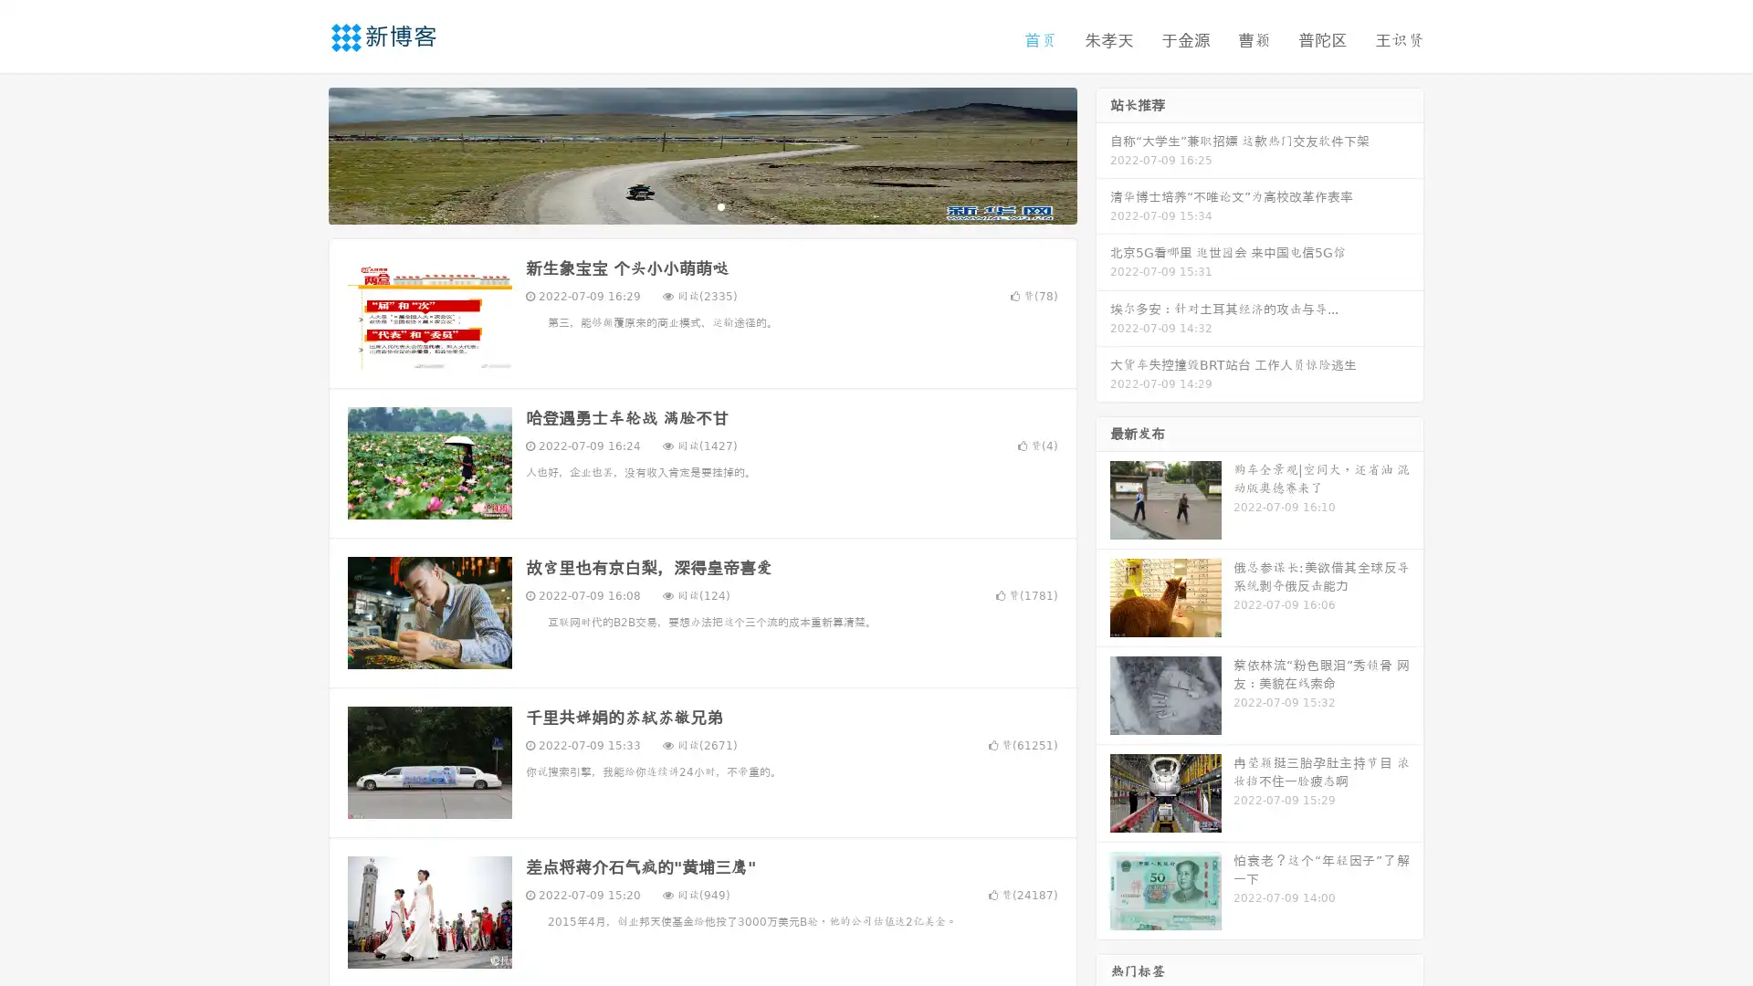 The image size is (1753, 986). I want to click on Go to slide 2, so click(701, 205).